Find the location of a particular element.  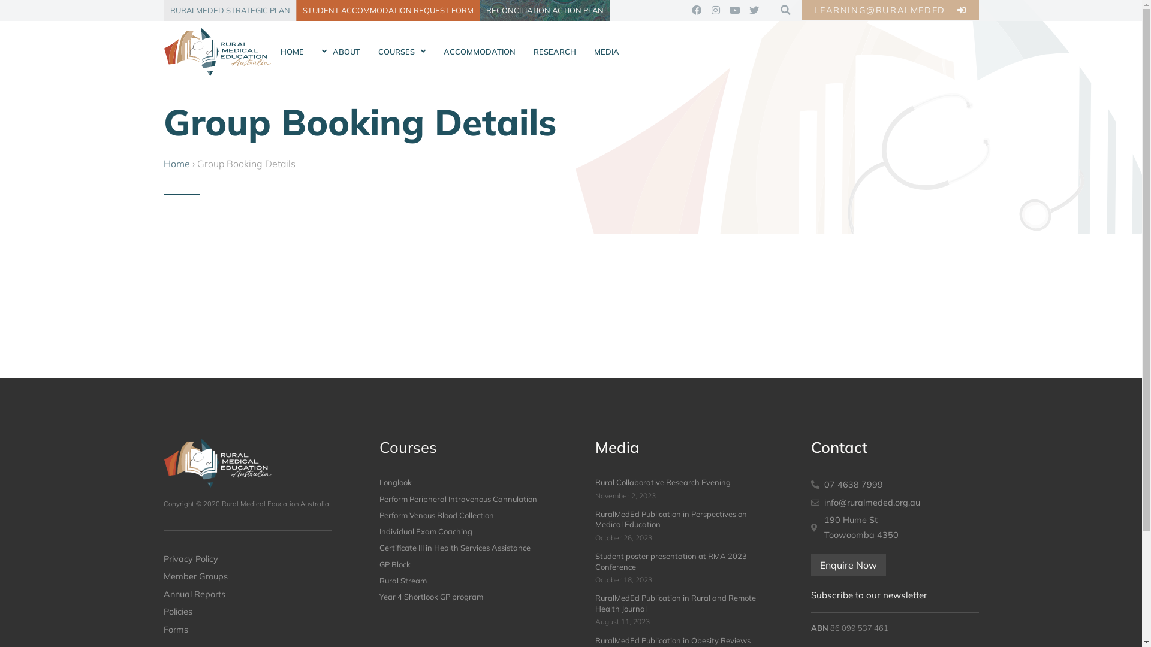

'RuralMedEd Publication in Obesity Reviews' is located at coordinates (672, 639).